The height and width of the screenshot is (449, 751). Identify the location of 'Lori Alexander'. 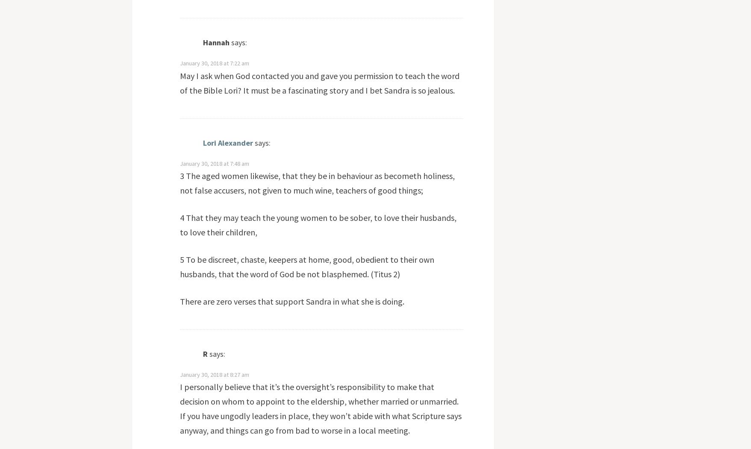
(227, 142).